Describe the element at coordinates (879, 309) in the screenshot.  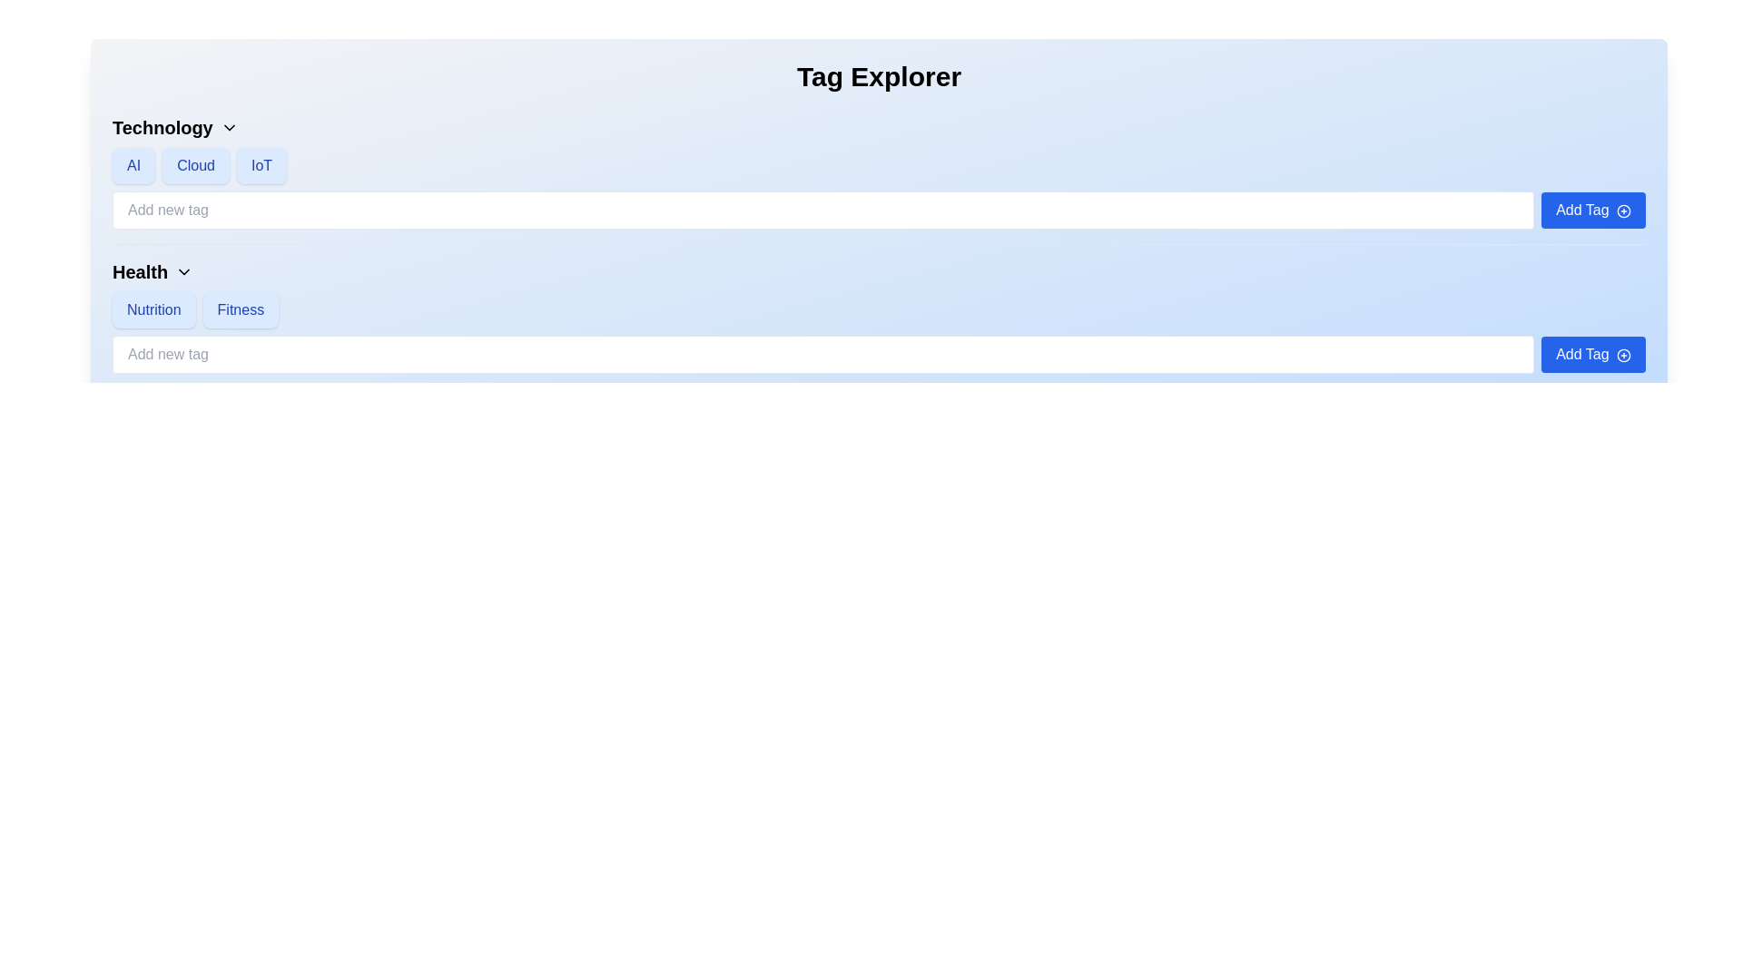
I see `the Tag collection group related to the 'Health' category, which is centrally positioned under its section` at that location.